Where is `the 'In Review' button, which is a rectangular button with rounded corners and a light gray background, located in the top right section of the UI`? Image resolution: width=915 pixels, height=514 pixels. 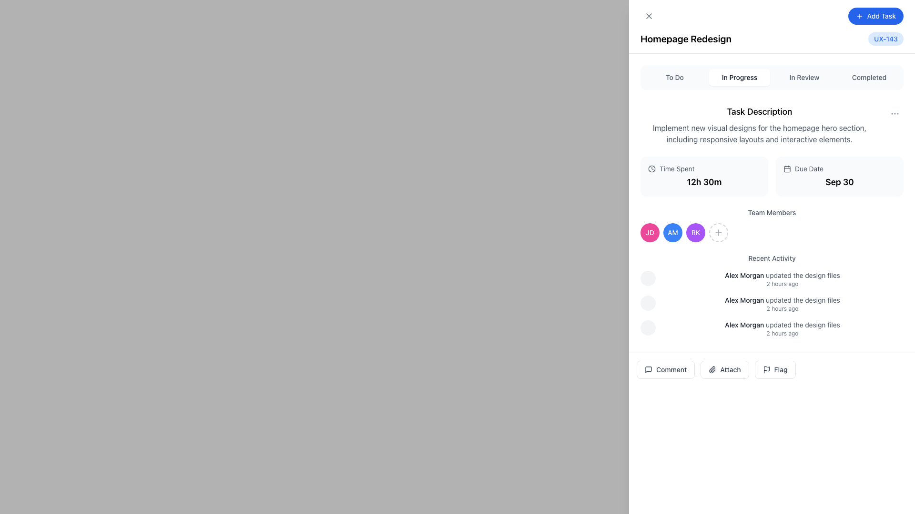 the 'In Review' button, which is a rectangular button with rounded corners and a light gray background, located in the top right section of the UI is located at coordinates (804, 77).